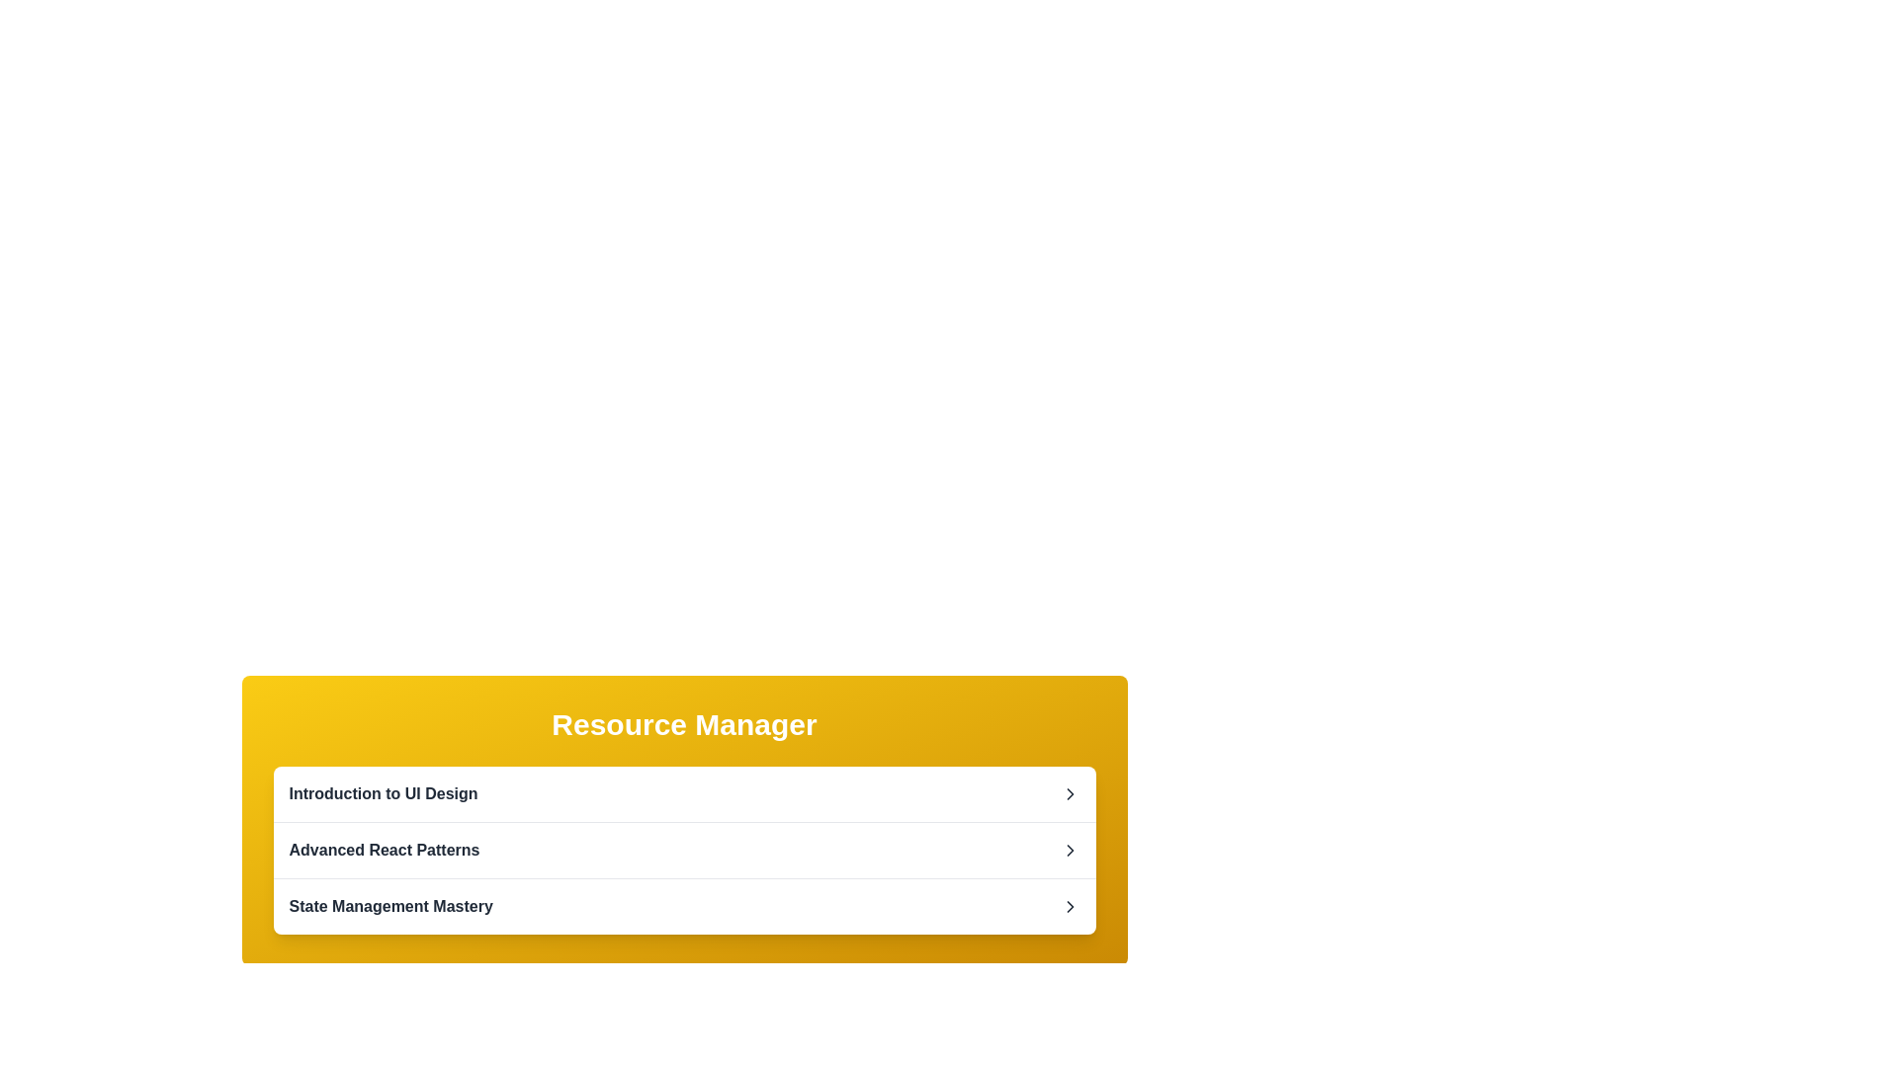  What do you see at coordinates (390, 907) in the screenshot?
I see `text label 'State Management Mastery' which is the third entry in the vertically aligned list below the 'Resource Manager' header` at bounding box center [390, 907].